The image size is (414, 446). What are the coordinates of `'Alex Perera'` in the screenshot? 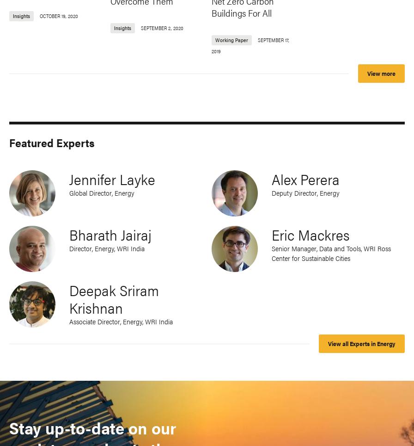 It's located at (305, 179).